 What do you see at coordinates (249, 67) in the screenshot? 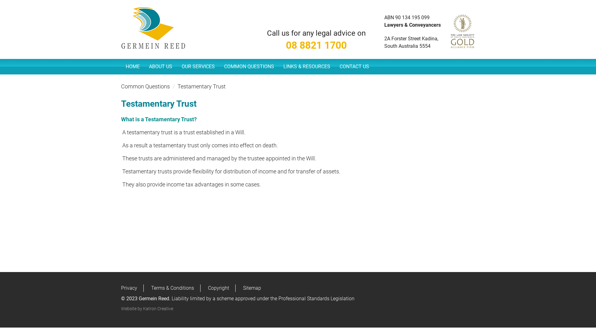
I see `'COMMON QUESTIONS'` at bounding box center [249, 67].